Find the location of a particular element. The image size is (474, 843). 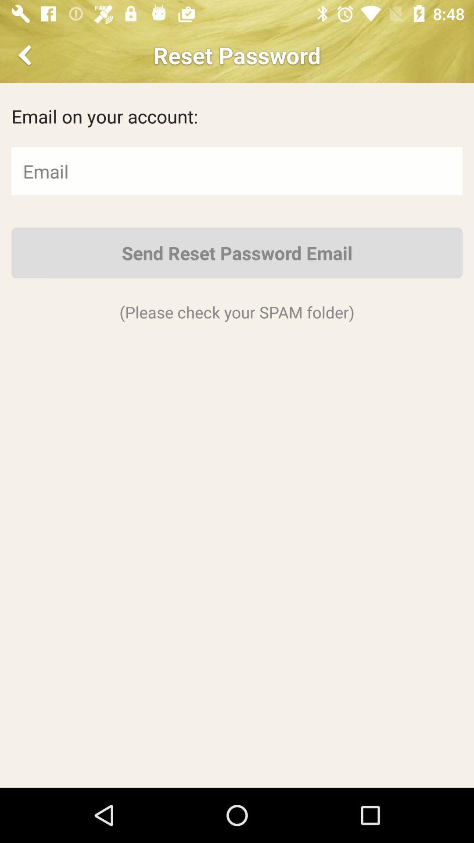

back is located at coordinates (26, 54).